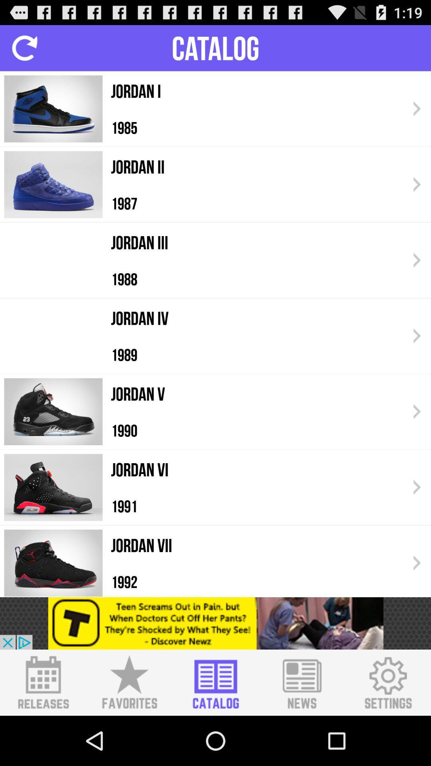 This screenshot has width=431, height=766. What do you see at coordinates (215, 682) in the screenshot?
I see `catalog menu` at bounding box center [215, 682].